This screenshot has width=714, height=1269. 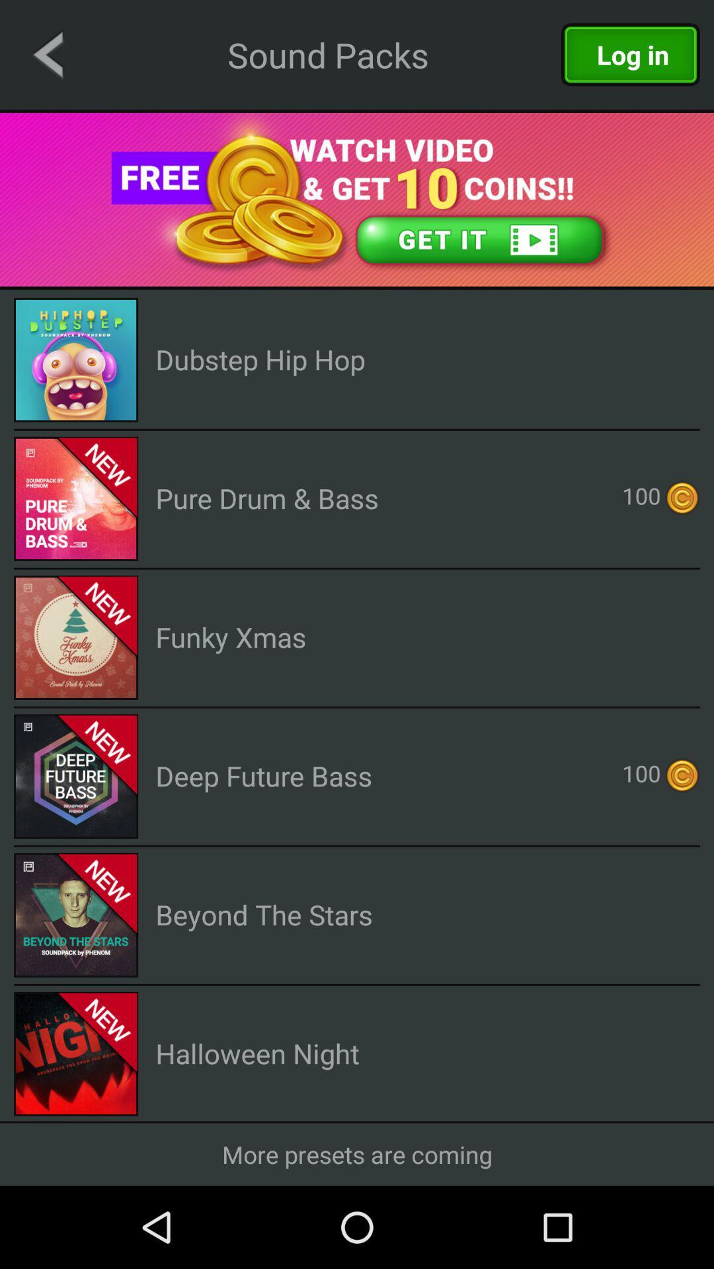 I want to click on open the add, so click(x=357, y=199).